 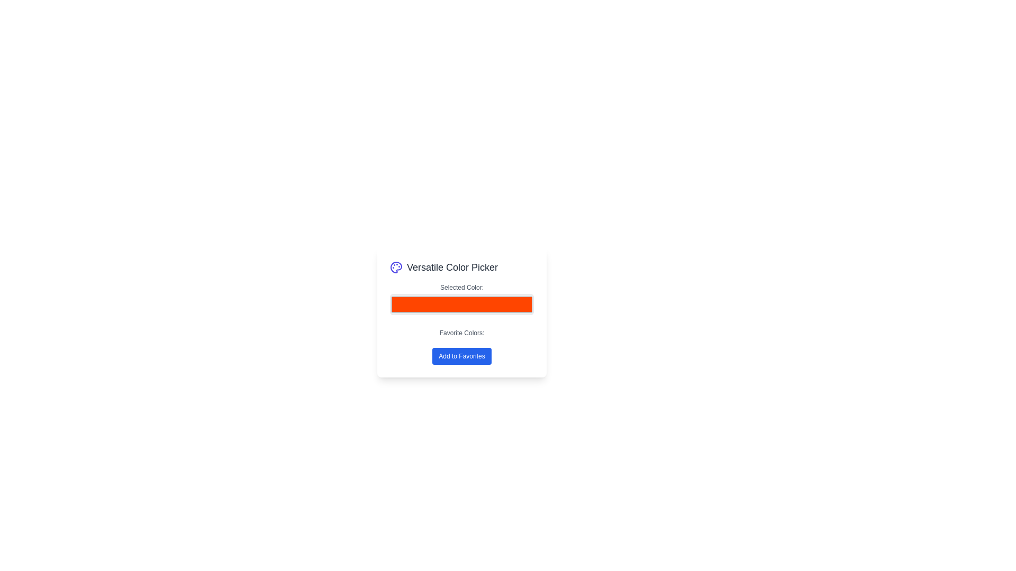 I want to click on the purple palette icon located above the text 'Versatile Color Picker' in the color picker dialog box, if interactive events are enabled, so click(x=395, y=266).